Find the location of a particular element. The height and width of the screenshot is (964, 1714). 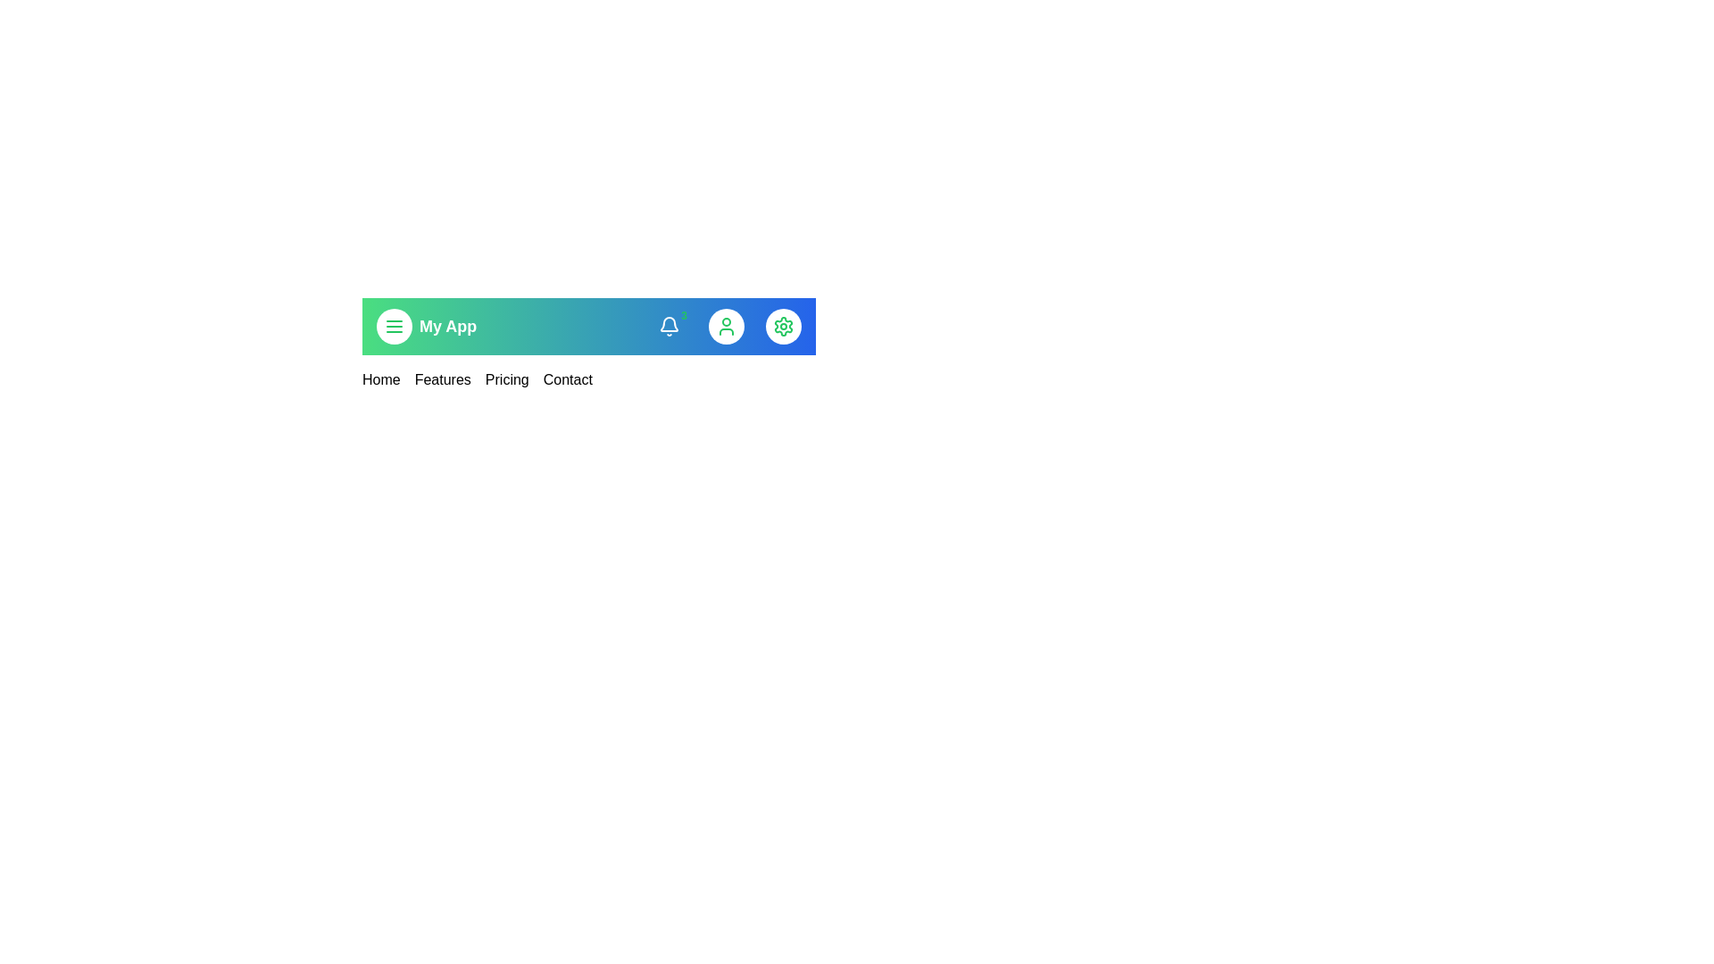

the menu link corresponding to Features is located at coordinates (442, 378).